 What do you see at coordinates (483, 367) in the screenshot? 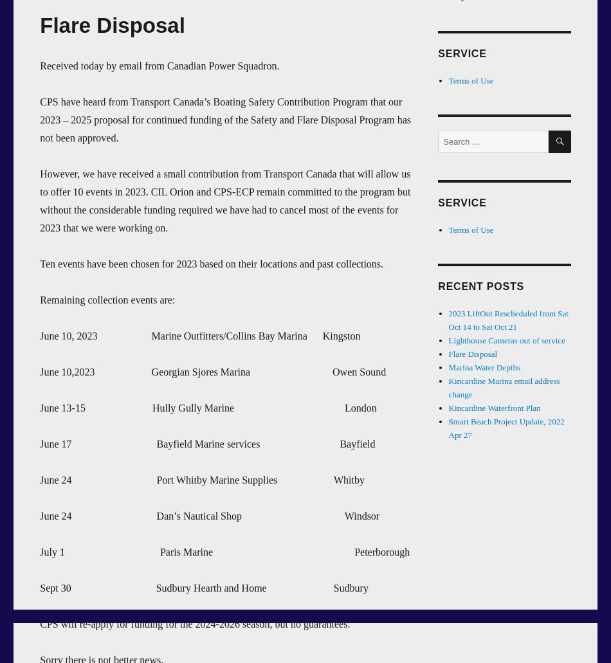
I see `'Marina Water Depths'` at bounding box center [483, 367].